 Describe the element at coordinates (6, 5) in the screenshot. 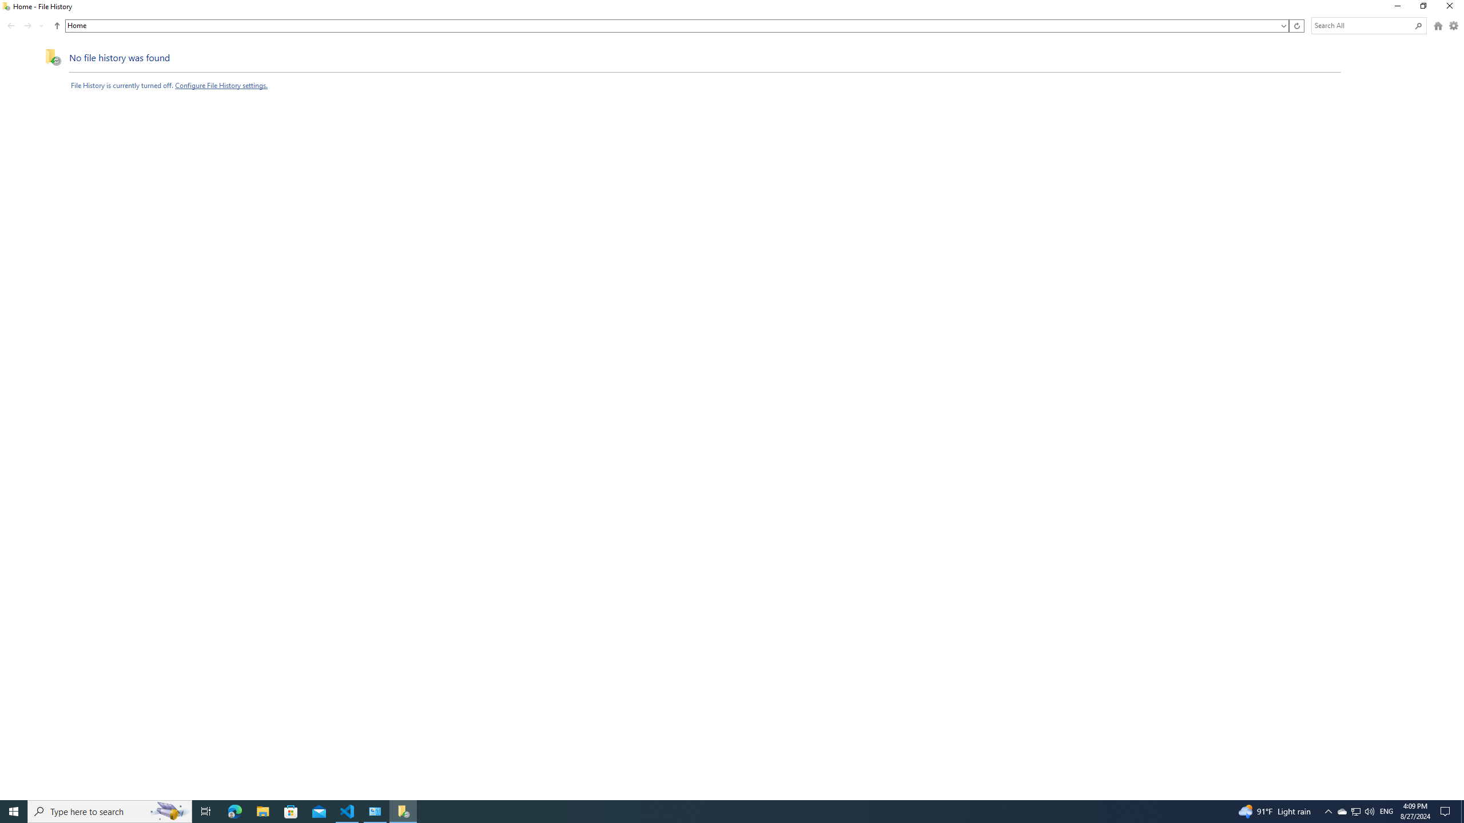

I see `'System'` at that location.